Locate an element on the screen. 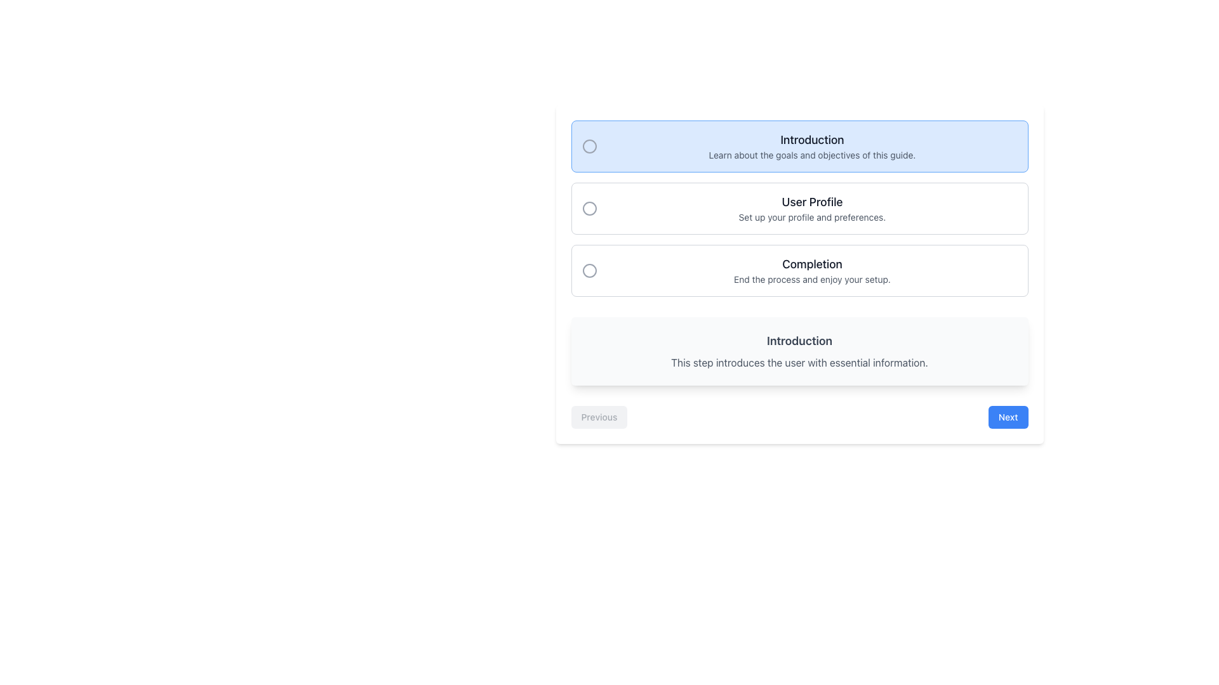 The image size is (1219, 685). the decorative SVG circle located on the left side of the 'Introduction' section, which serves as a status indicator is located at coordinates (589, 146).